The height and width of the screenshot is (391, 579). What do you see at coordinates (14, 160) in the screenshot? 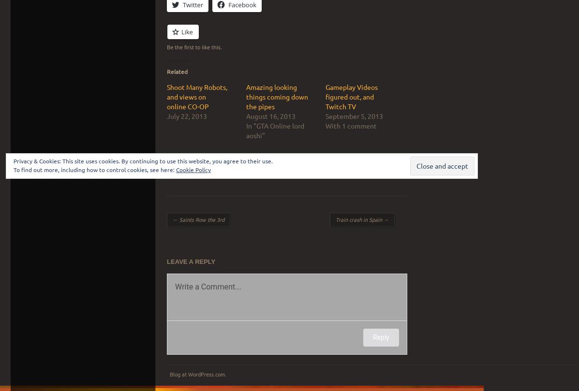
I see `'Privacy & Cookies: This site uses cookies. By continuing to use this website, you agree to their use.'` at bounding box center [14, 160].